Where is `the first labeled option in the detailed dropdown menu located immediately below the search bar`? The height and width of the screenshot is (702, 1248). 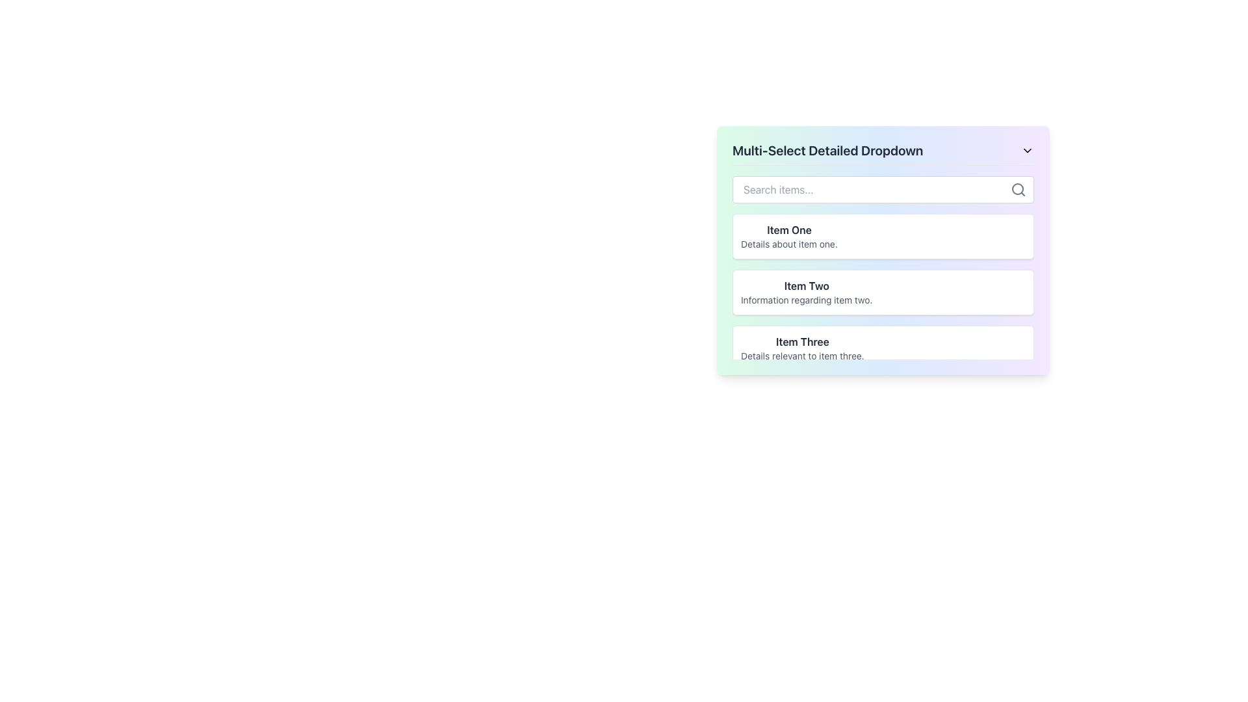
the first labeled option in the detailed dropdown menu located immediately below the search bar is located at coordinates (788, 236).